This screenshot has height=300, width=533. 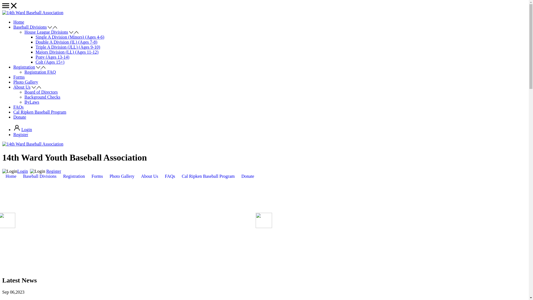 I want to click on 'Registration FAQ', so click(x=40, y=72).